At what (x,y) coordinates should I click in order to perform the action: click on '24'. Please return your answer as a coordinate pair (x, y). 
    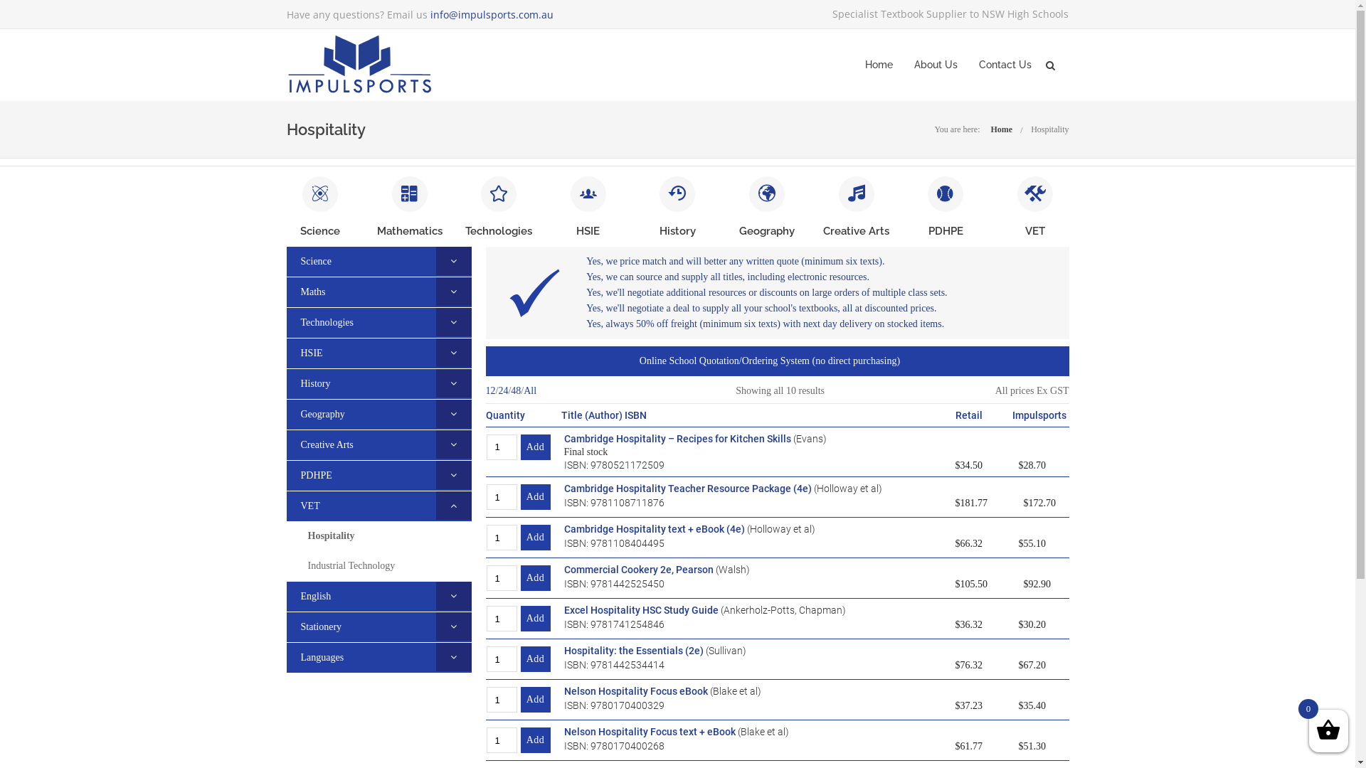
    Looking at the image, I should click on (502, 391).